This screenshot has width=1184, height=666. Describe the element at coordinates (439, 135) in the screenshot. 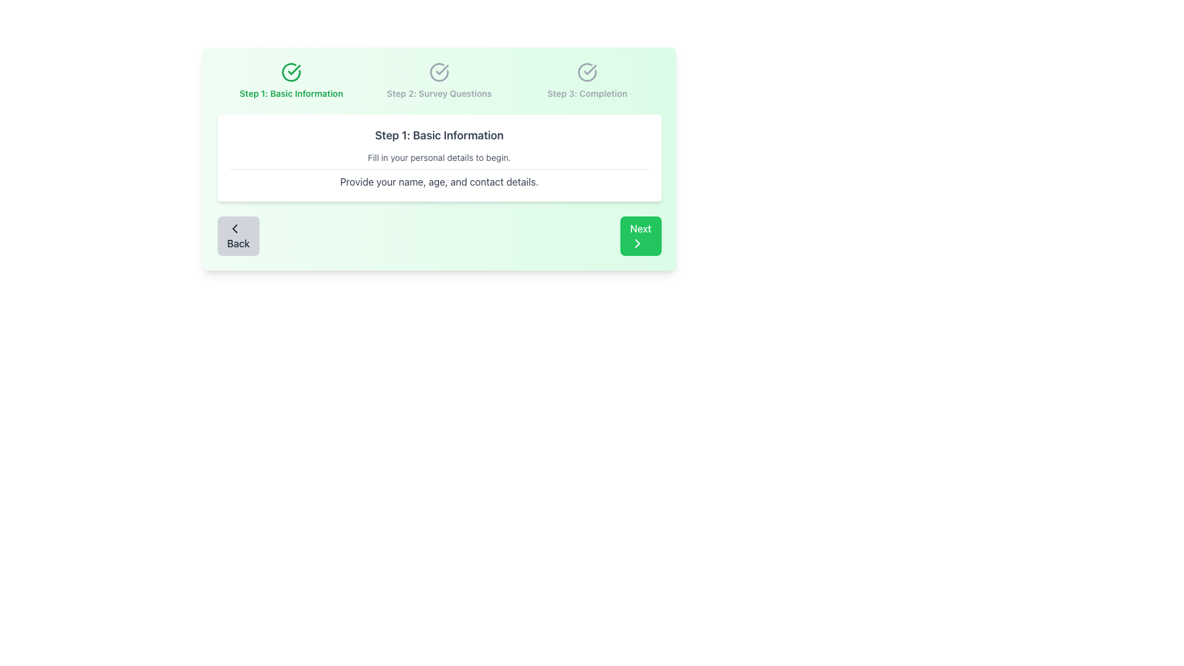

I see `the header text labeled 'Step 1: Basic Information', which is displayed in bold gray font and is positioned at the top of a white card-like section` at that location.